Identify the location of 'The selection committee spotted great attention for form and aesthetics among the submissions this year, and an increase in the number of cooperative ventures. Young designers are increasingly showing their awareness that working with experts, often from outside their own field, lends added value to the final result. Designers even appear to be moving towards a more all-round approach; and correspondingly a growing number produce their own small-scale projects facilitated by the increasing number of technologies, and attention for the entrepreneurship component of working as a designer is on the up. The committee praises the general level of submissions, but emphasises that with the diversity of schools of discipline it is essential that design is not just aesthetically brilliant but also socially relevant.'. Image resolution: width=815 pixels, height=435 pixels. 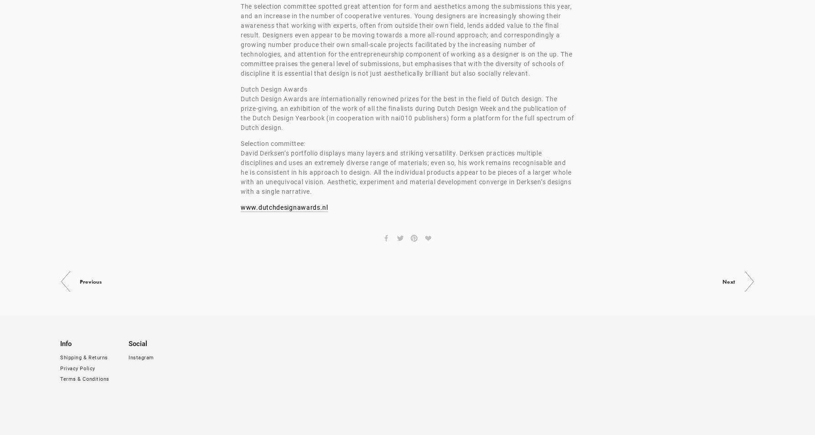
(407, 39).